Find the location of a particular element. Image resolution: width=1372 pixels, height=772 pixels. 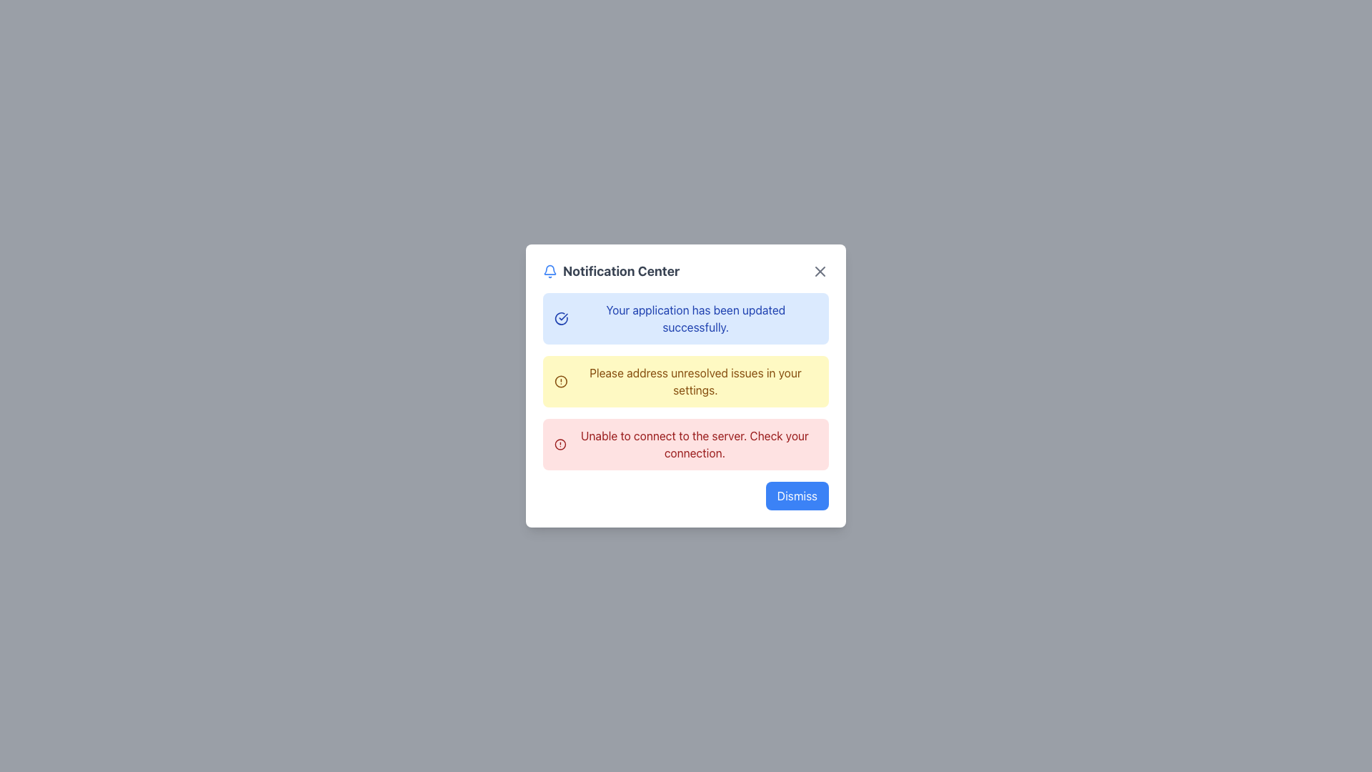

the error message Text Label located at the bottom of the notification panel, which is the third item in a list of messages is located at coordinates (695, 443).